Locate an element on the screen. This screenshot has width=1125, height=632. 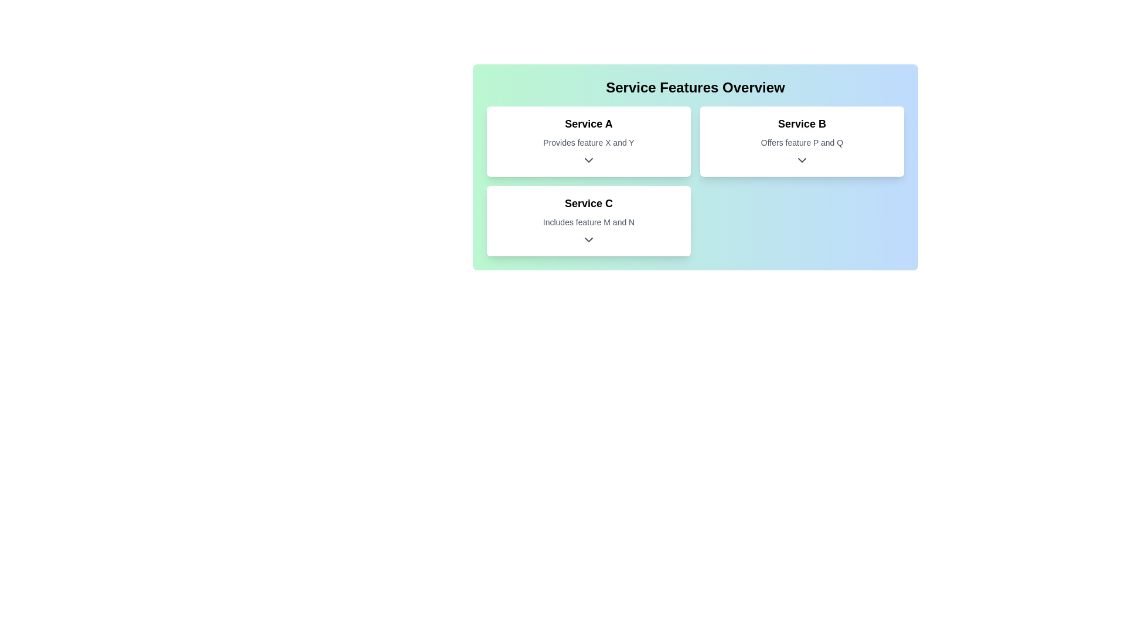
the static text element that provides a brief description of the features included in 'Service C', located in the second card of the grid, below the card title and above the chevron-down icon is located at coordinates (588, 222).